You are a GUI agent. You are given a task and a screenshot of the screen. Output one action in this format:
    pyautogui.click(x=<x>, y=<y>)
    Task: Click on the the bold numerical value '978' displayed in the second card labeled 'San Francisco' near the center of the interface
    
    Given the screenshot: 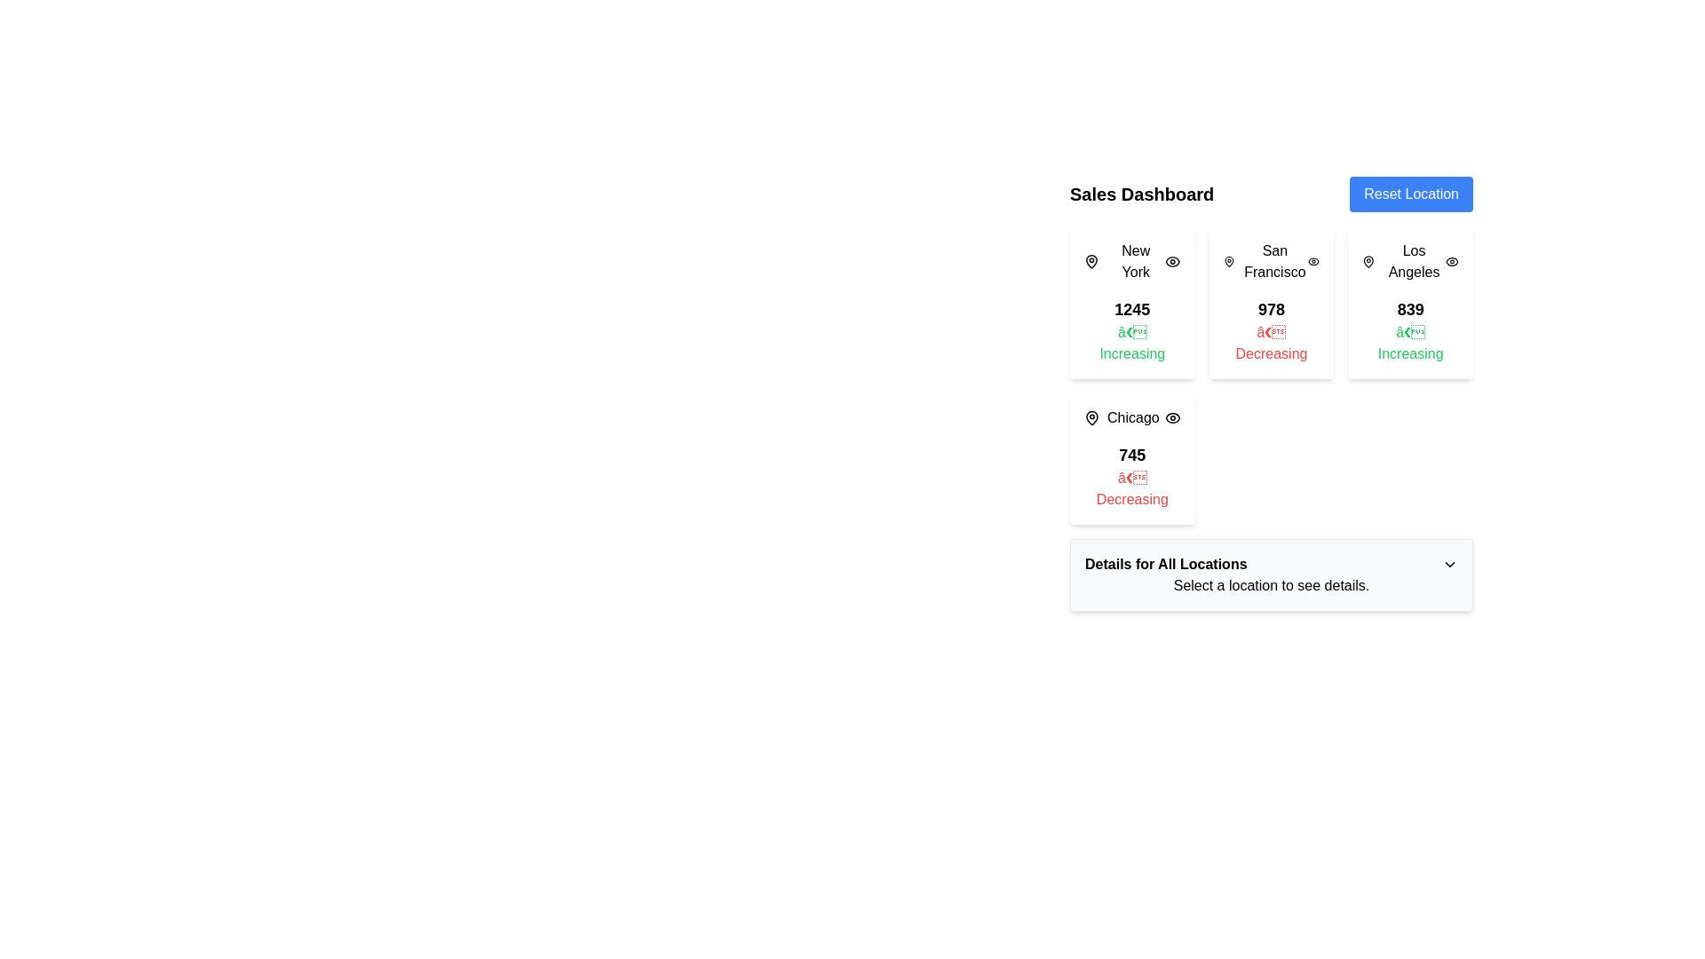 What is the action you would take?
    pyautogui.click(x=1270, y=308)
    